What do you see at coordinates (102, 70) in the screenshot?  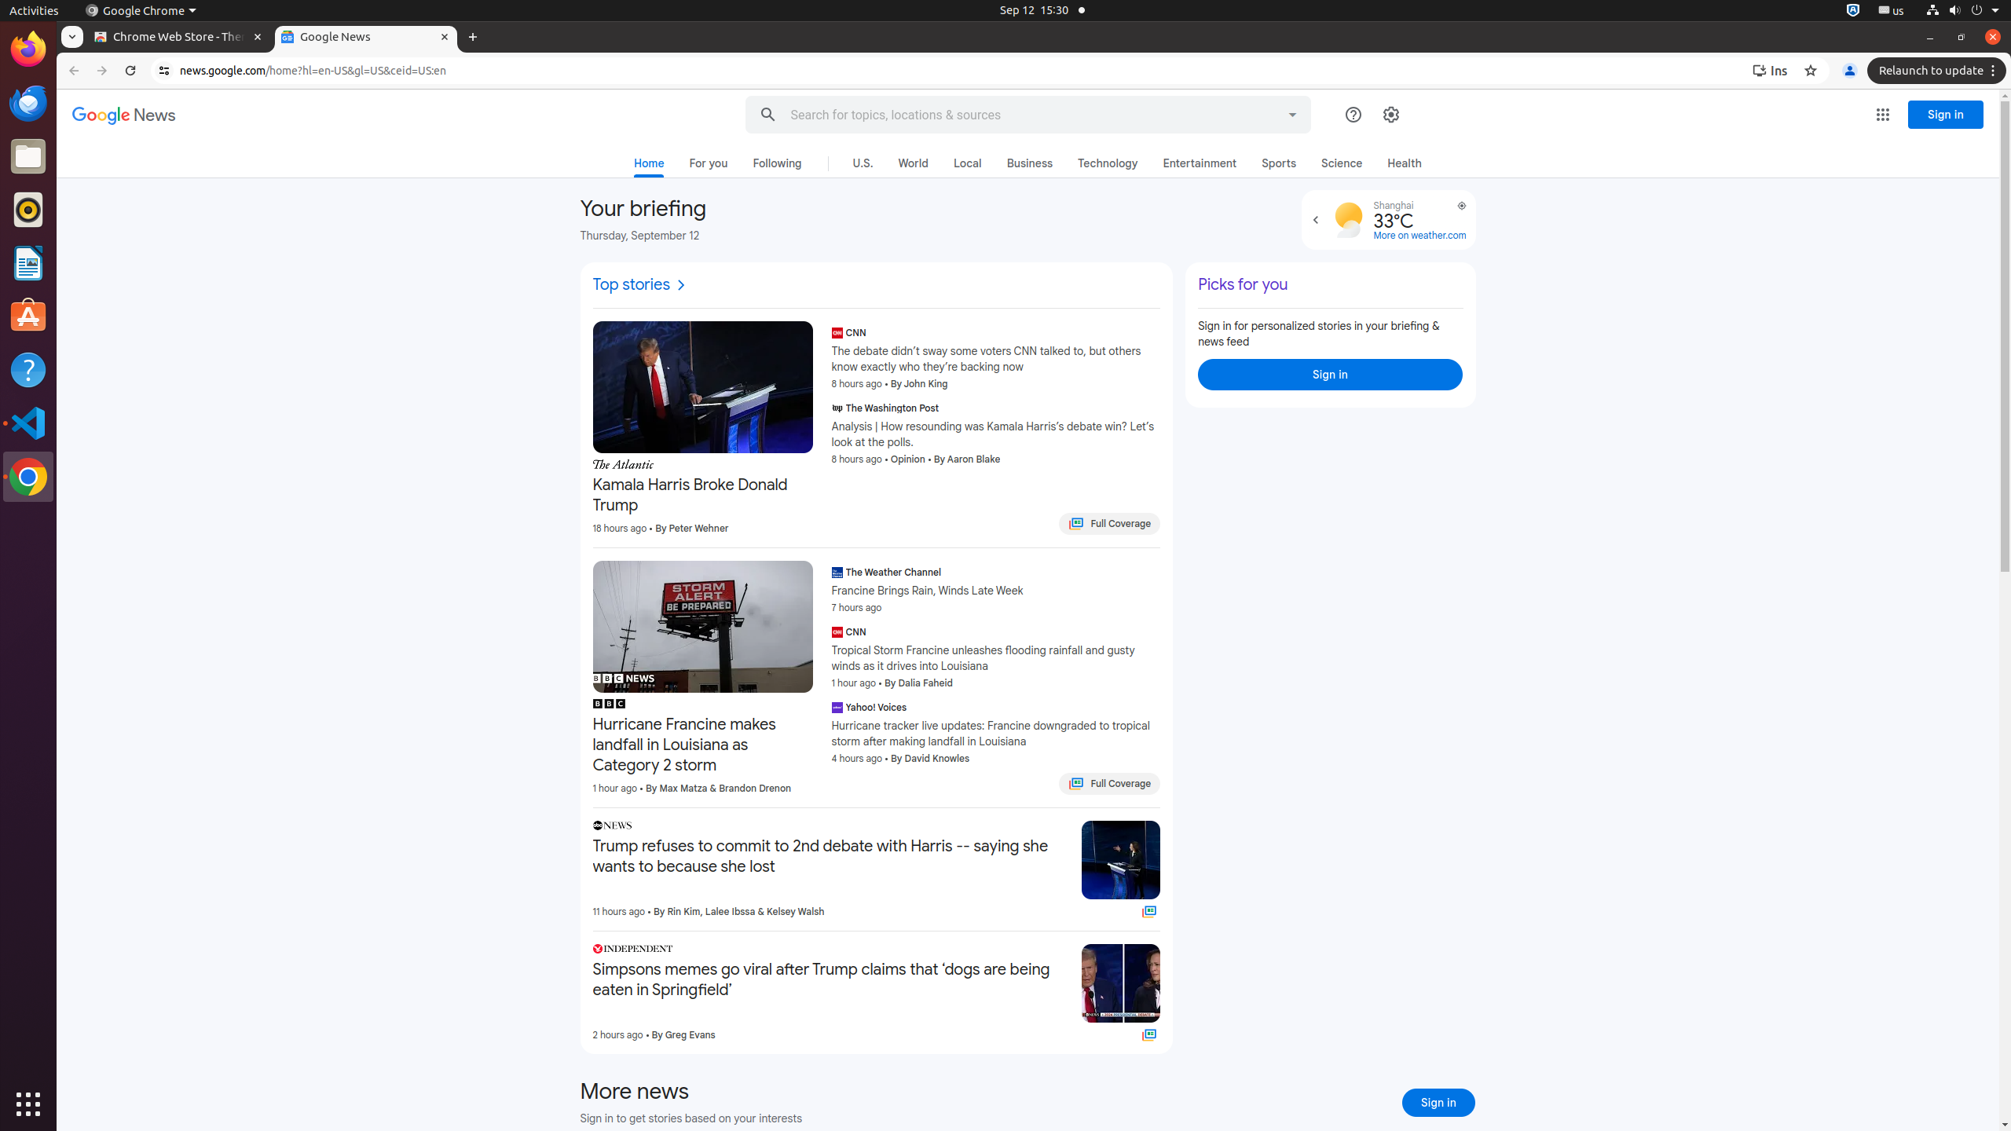 I see `'Forward'` at bounding box center [102, 70].